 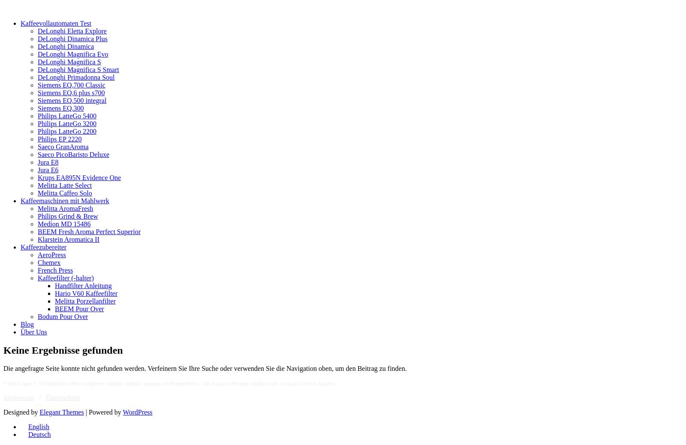 What do you see at coordinates (54, 285) in the screenshot?
I see `'Handfilter Anleitung'` at bounding box center [54, 285].